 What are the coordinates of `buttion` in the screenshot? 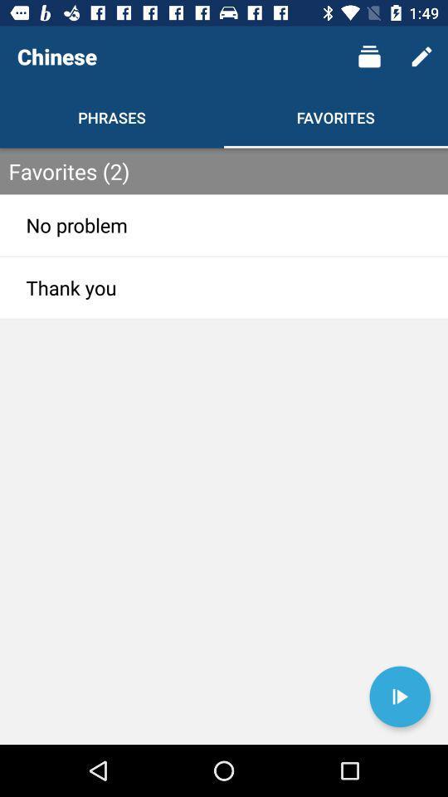 It's located at (399, 697).